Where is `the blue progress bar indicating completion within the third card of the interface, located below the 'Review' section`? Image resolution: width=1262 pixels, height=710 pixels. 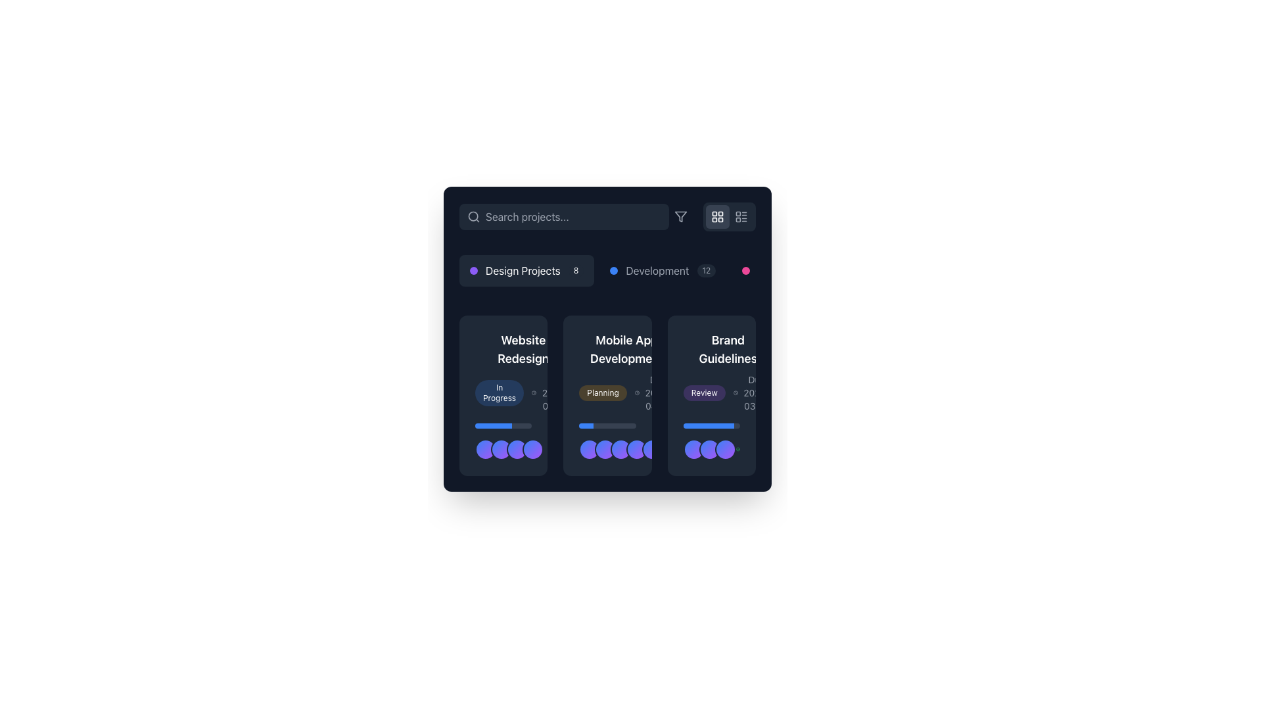 the blue progress bar indicating completion within the third card of the interface, located below the 'Review' section is located at coordinates (708, 426).